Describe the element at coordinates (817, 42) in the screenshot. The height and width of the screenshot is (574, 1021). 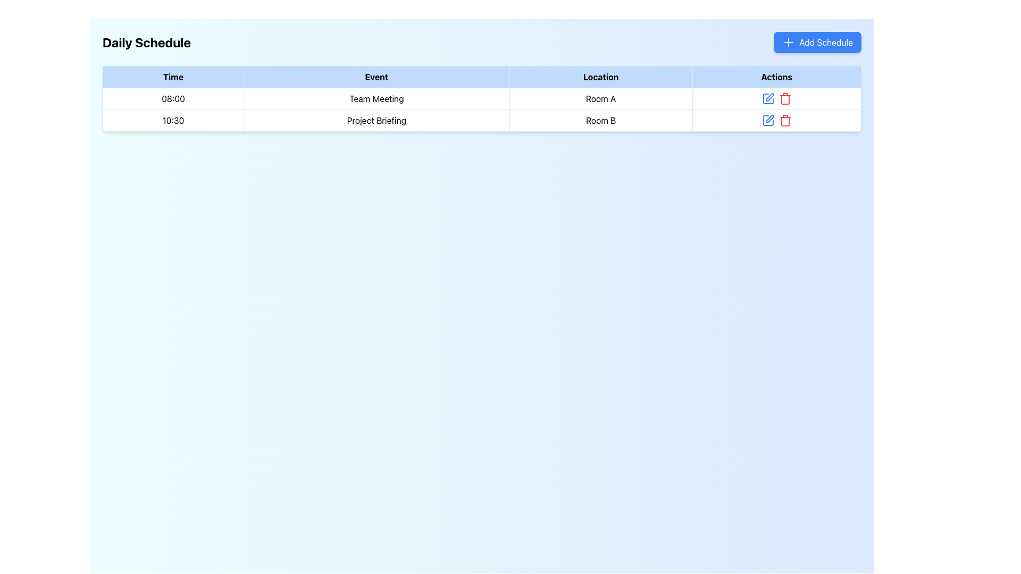
I see `the 'Add Schedule' button with a blue background and white text` at that location.